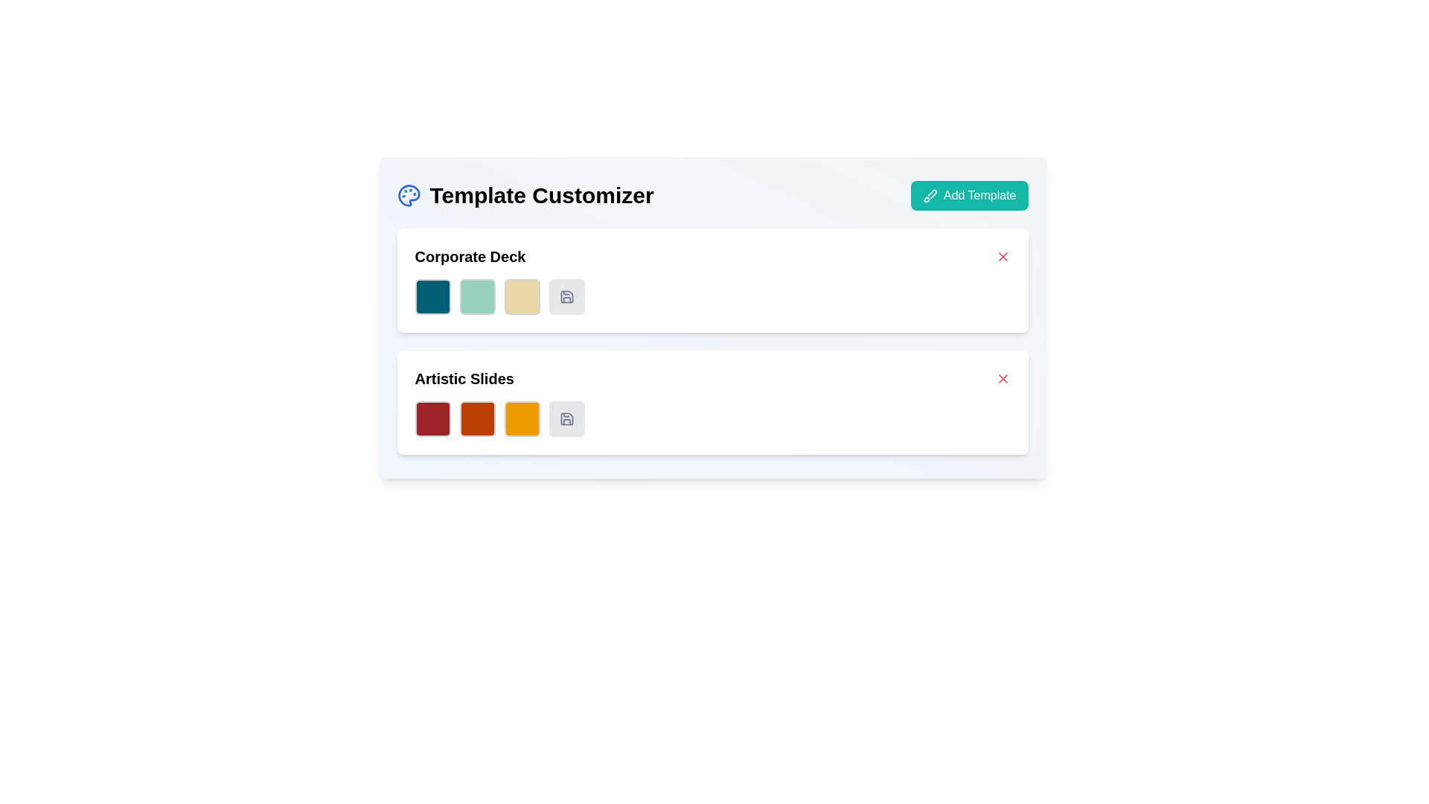  I want to click on the save button with a floppy disk icon, located within the 'Artistic Slides' section of the 'Template Customizer', so click(566, 419).